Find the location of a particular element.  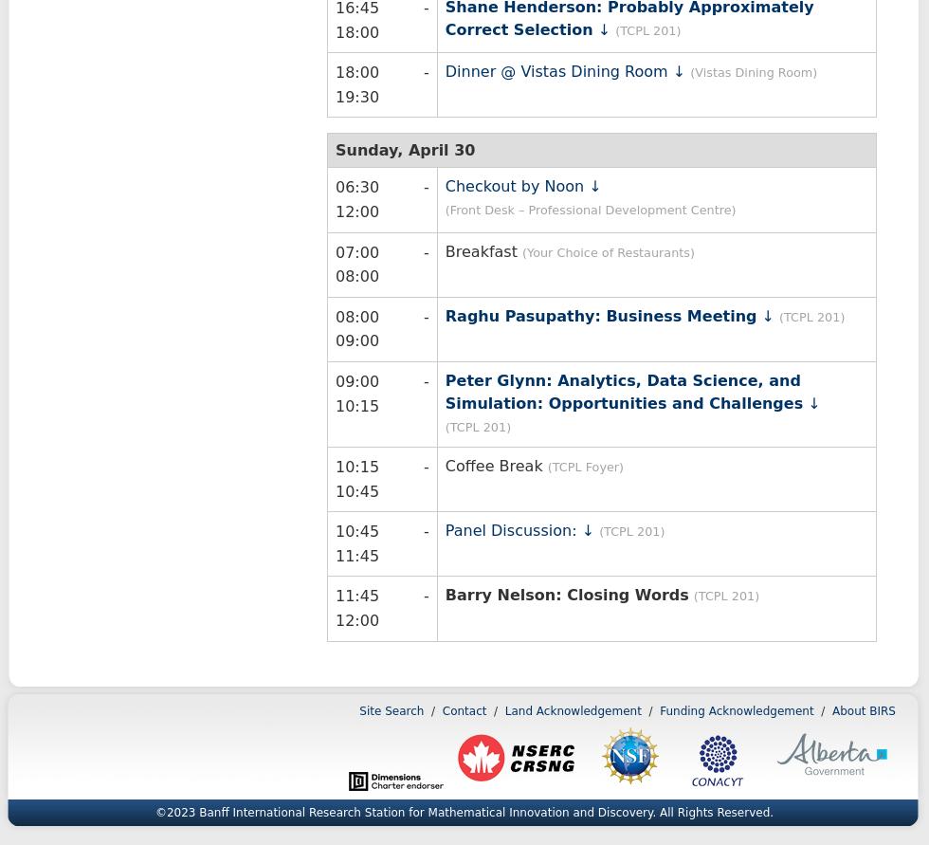

'©2023 Banff International Research Station for Mathematical Innovation and Discovery. All Rights Reserved.' is located at coordinates (464, 810).